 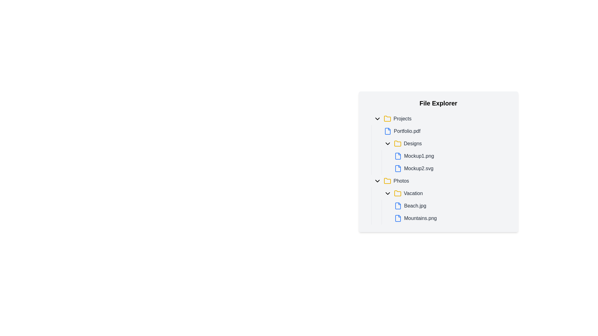 I want to click on the 'Designs' folder icon in the Projects directory, so click(x=397, y=143).